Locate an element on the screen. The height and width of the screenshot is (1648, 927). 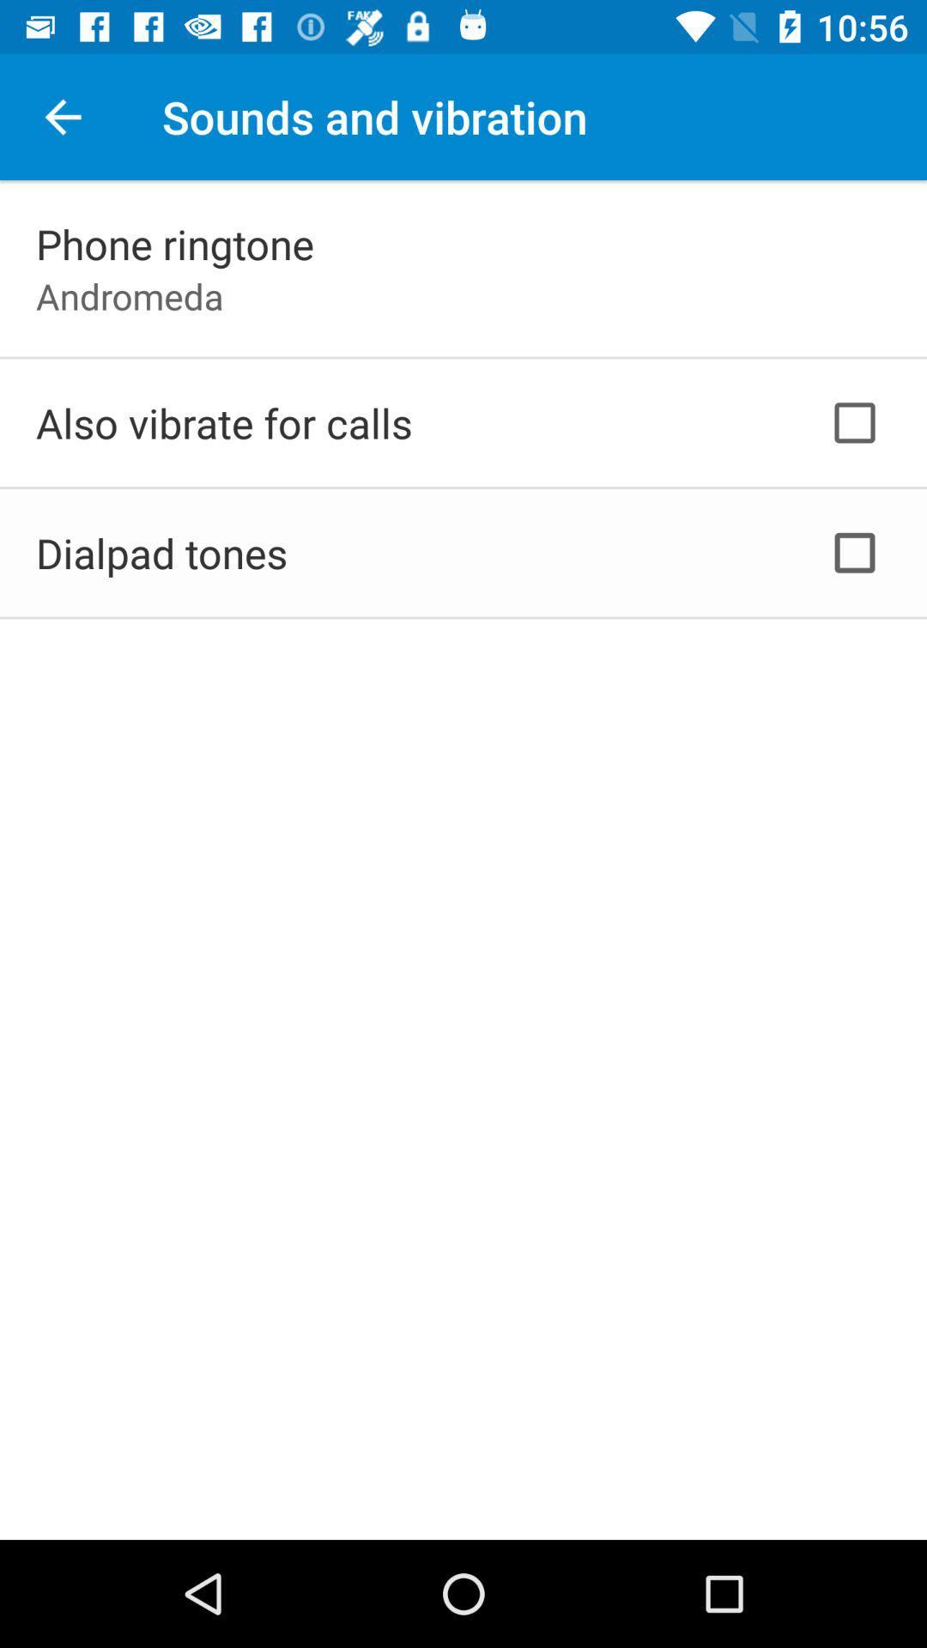
app to the left of the sounds and vibration item is located at coordinates (62, 116).